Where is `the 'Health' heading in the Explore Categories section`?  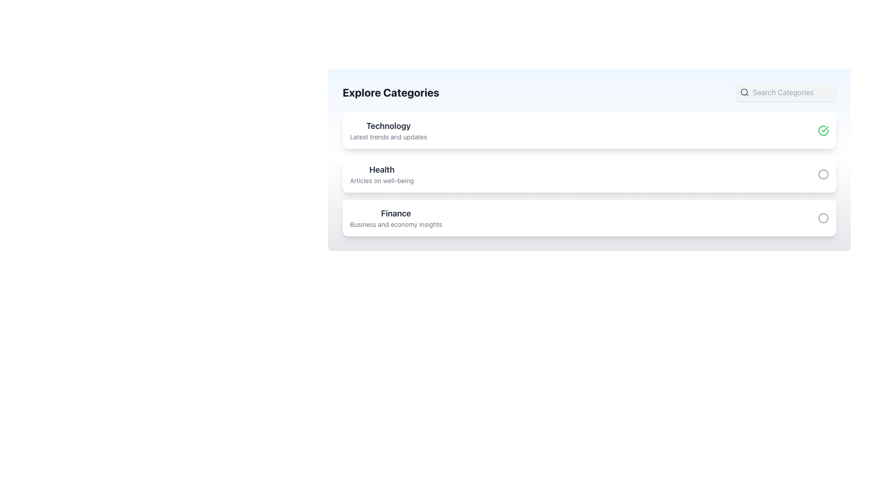
the 'Health' heading in the Explore Categories section is located at coordinates (382, 174).